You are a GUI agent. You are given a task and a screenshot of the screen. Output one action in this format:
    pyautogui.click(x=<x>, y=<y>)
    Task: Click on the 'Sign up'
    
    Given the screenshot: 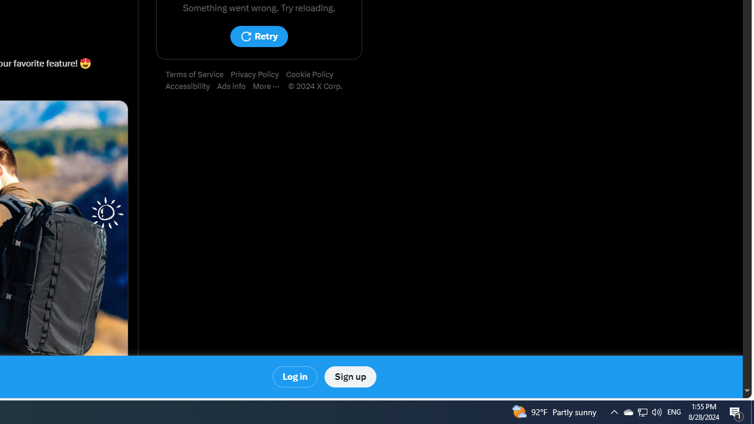 What is the action you would take?
    pyautogui.click(x=349, y=377)
    